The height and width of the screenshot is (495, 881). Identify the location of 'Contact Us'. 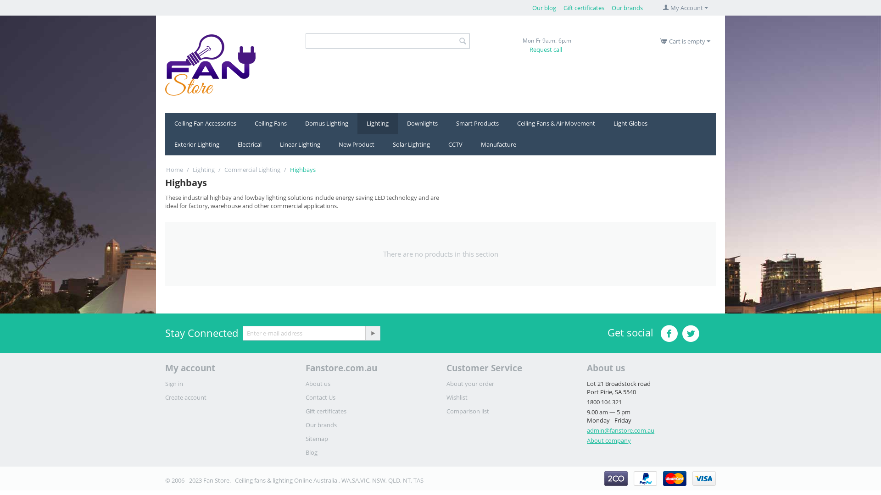
(320, 397).